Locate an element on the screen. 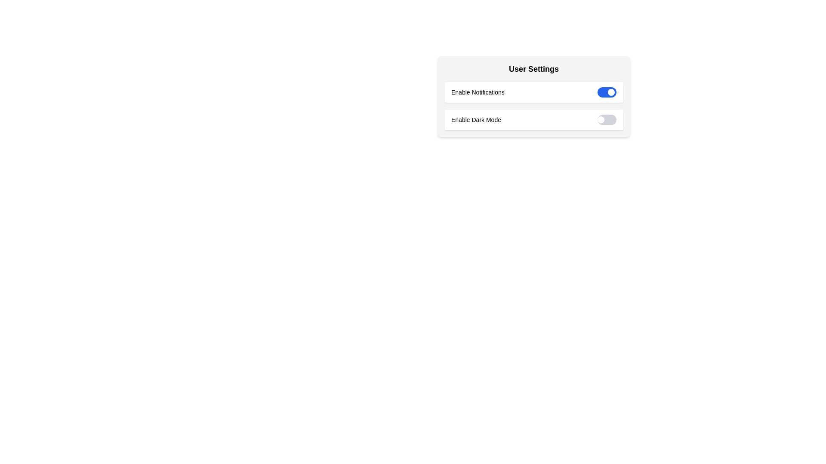 This screenshot has height=464, width=826. the small white circular toggle thumb, which is located on the blue background of the toggle switch next is located at coordinates (610, 92).